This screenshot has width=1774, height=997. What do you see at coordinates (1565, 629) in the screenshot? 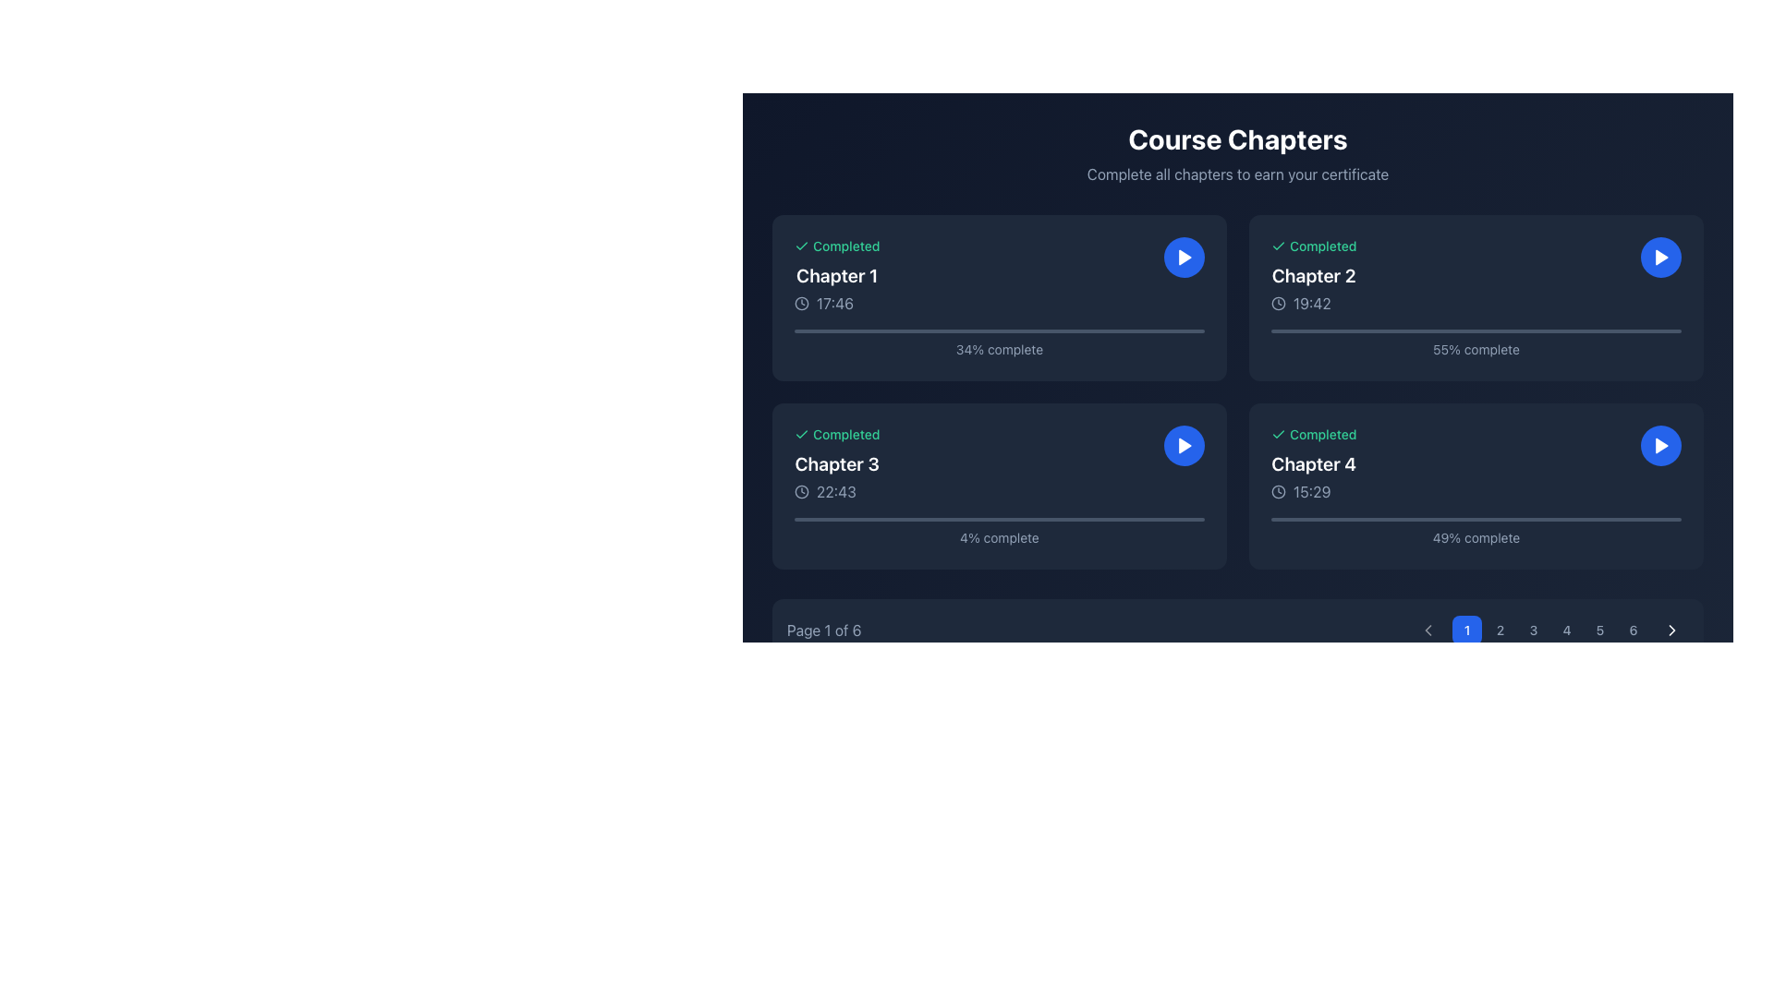
I see `the fourth button located at the bottom-right section of the interface` at bounding box center [1565, 629].